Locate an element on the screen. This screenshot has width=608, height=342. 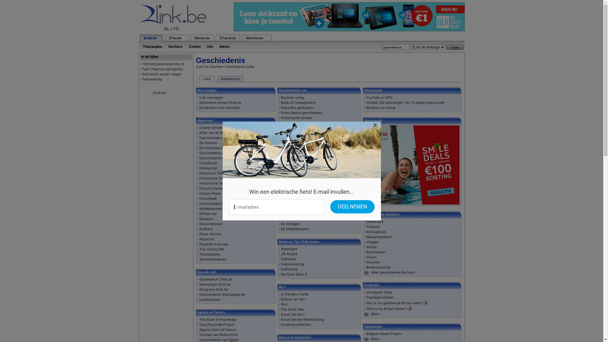
'Bankroll management' is located at coordinates (298, 102).